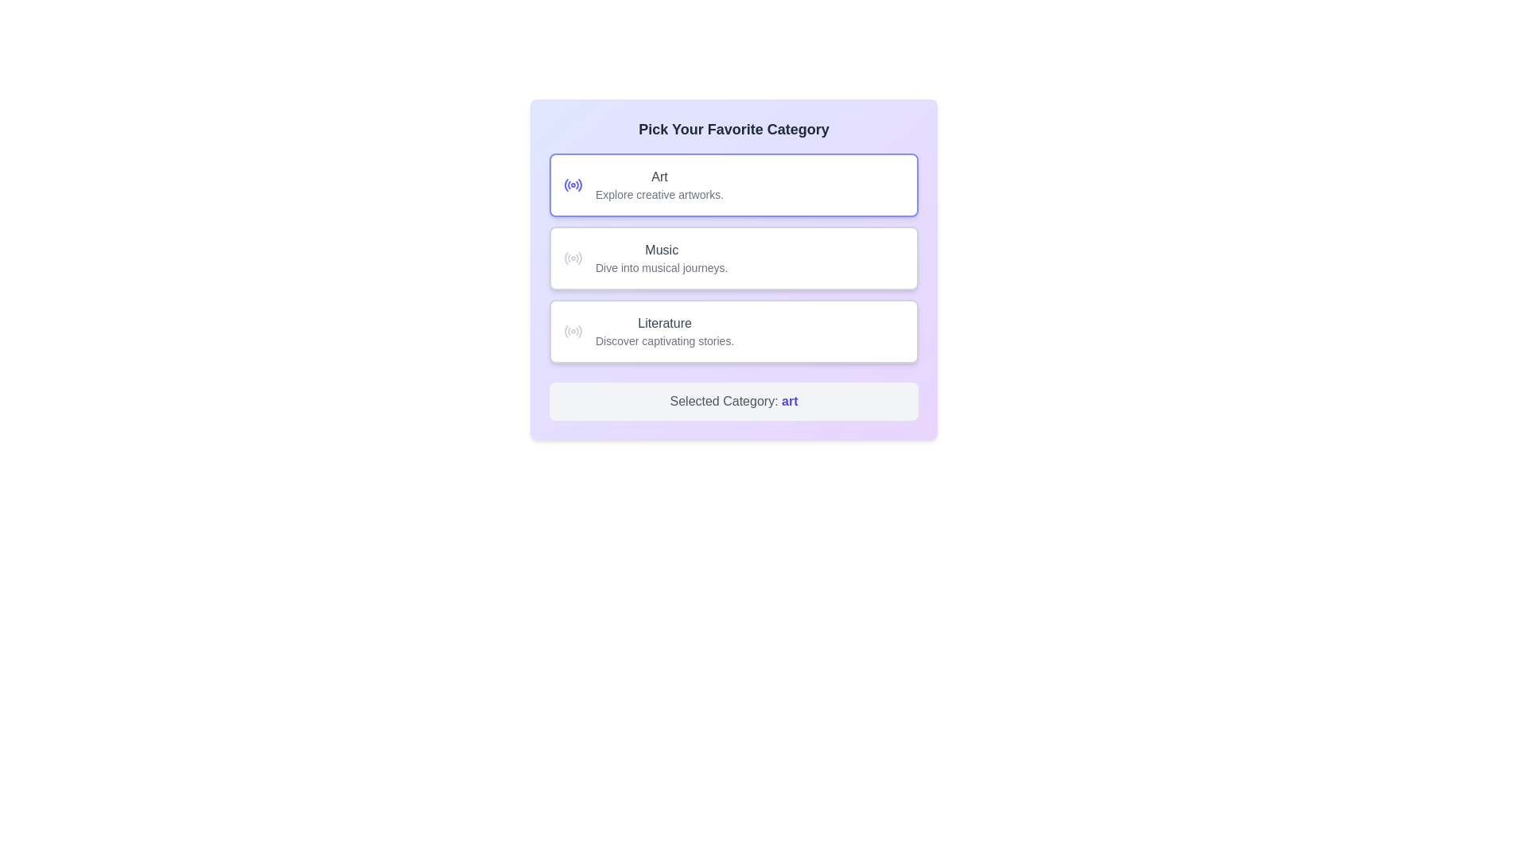 The image size is (1527, 859). Describe the element at coordinates (732, 128) in the screenshot. I see `text heading located at the top of the card-like interface that instructs users to pick one of the categories listed below` at that location.